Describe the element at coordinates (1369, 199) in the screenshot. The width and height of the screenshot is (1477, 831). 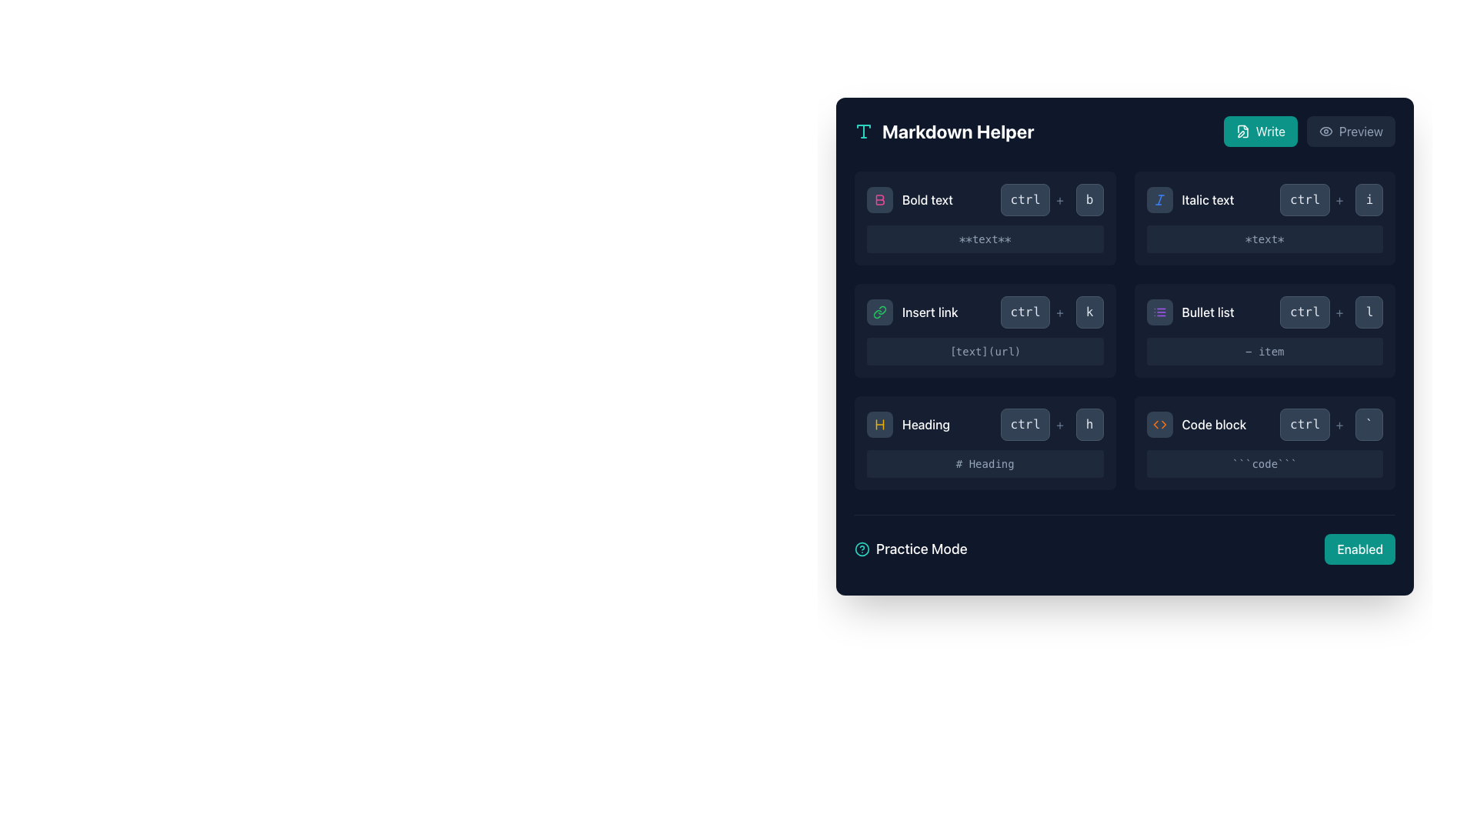
I see `the small, rounded rectangular button with a dark background containing the letter 'i'` at that location.